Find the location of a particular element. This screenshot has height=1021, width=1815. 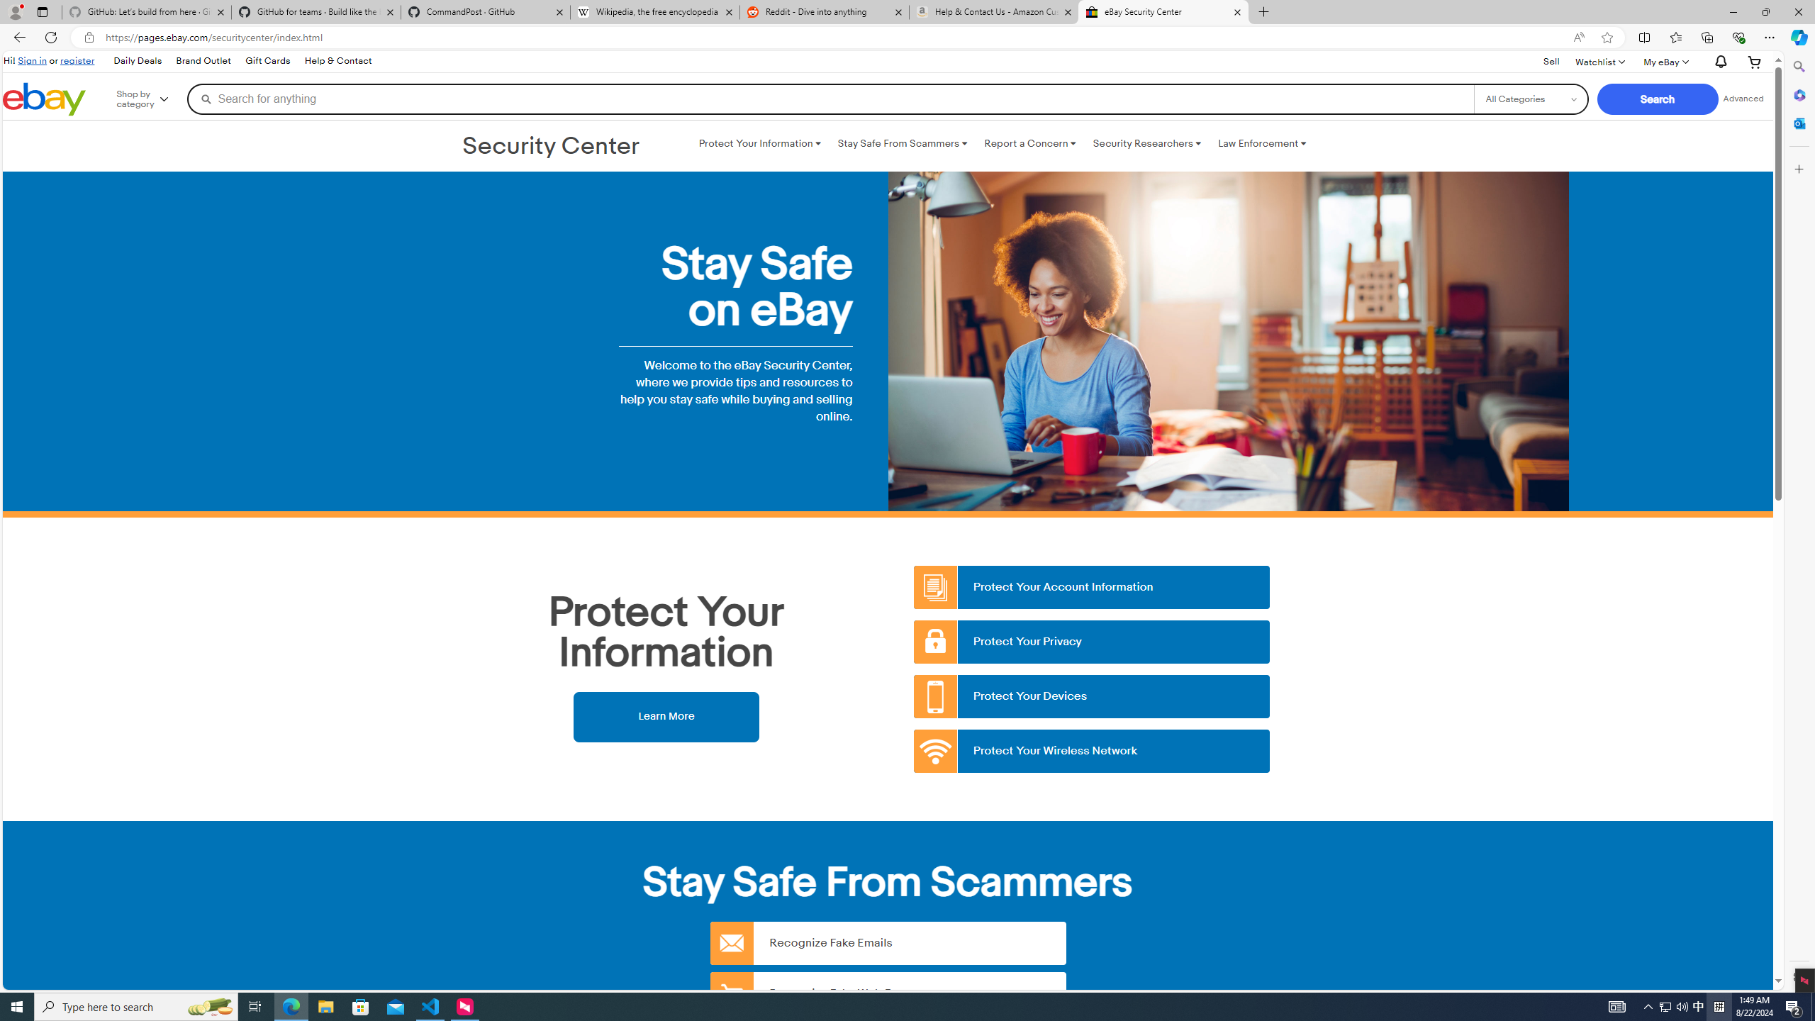

'Side bar' is located at coordinates (1799, 521).